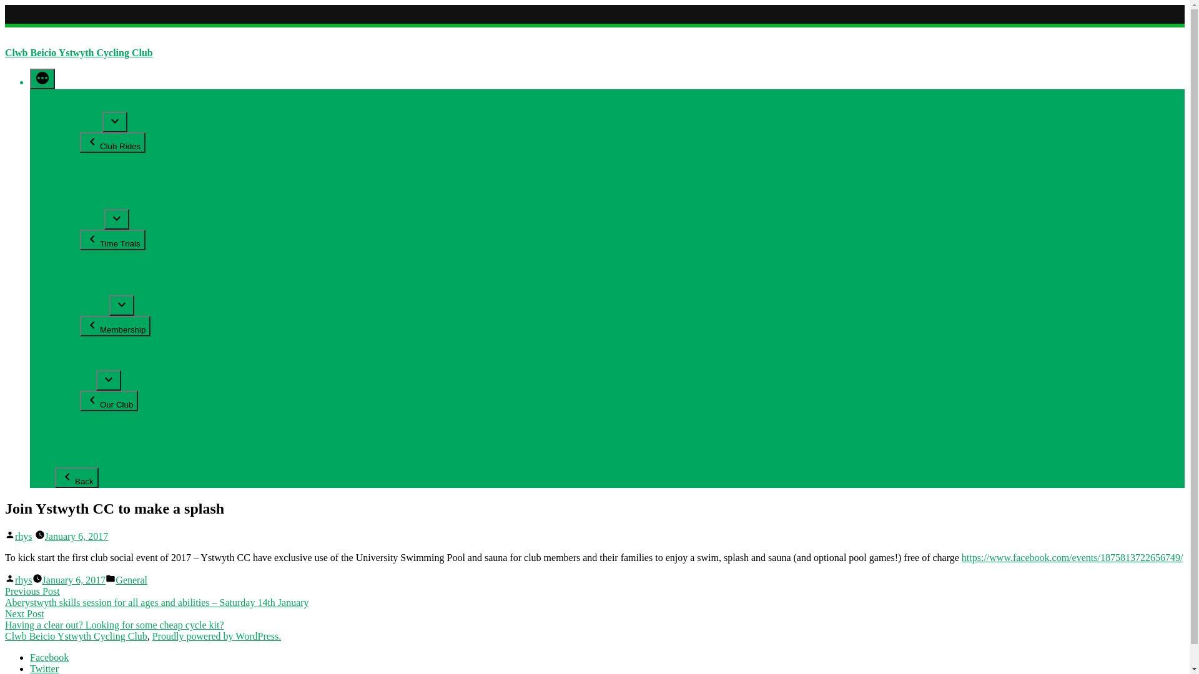 The height and width of the screenshot is (674, 1199). What do you see at coordinates (49, 657) in the screenshot?
I see `'Facebook'` at bounding box center [49, 657].